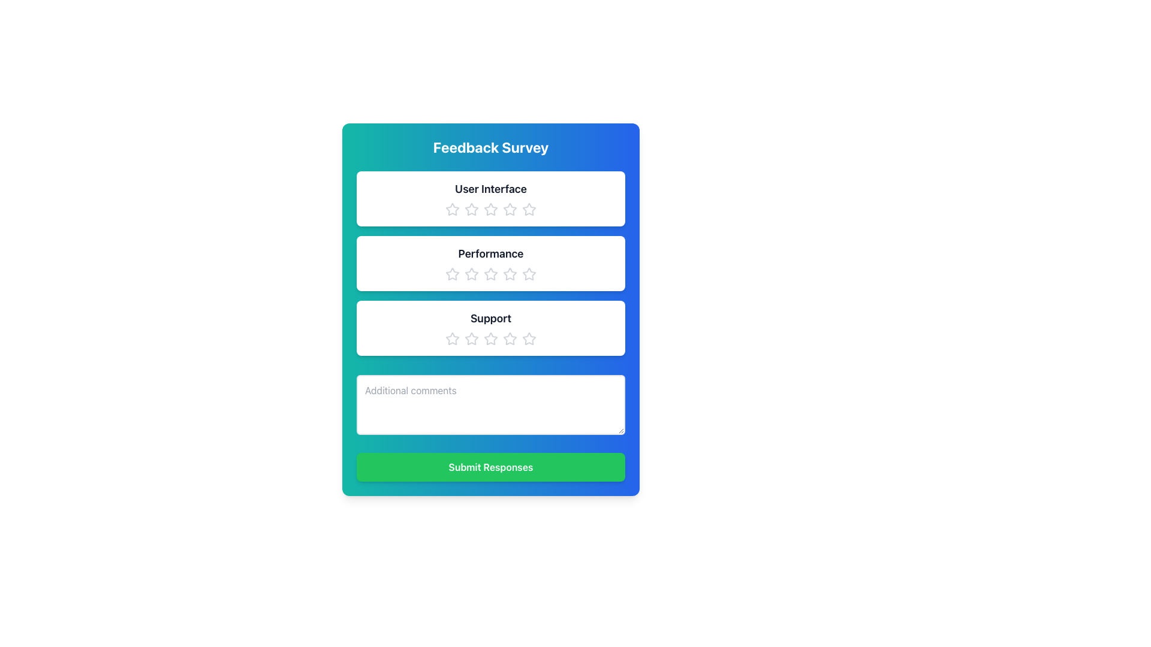 The image size is (1151, 647). I want to click on the second star icon in the rating bar for the 'User Interface' section, so click(471, 209).